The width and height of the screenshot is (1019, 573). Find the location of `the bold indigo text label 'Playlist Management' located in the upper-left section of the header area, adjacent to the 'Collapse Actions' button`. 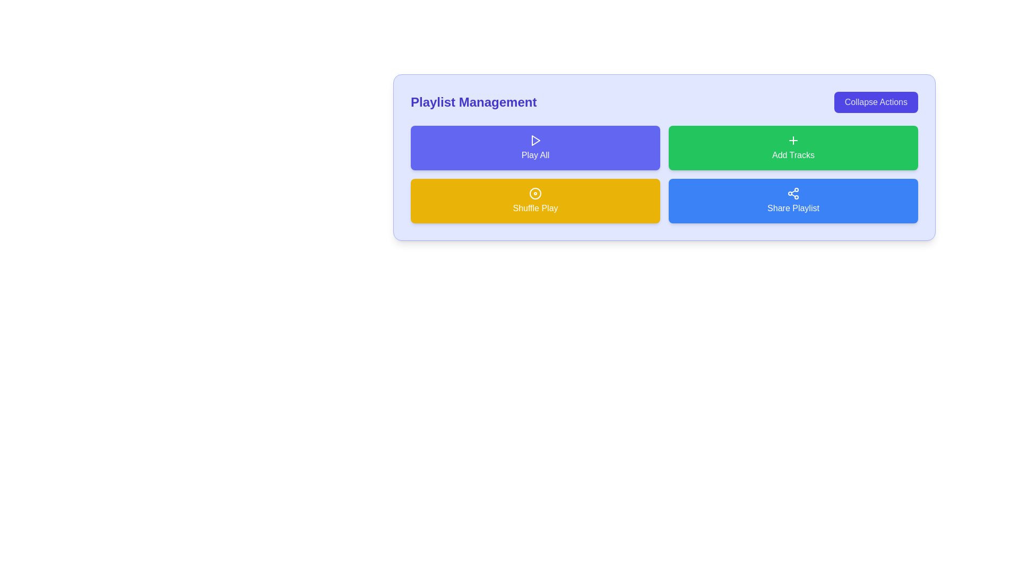

the bold indigo text label 'Playlist Management' located in the upper-left section of the header area, adjacent to the 'Collapse Actions' button is located at coordinates (473, 102).